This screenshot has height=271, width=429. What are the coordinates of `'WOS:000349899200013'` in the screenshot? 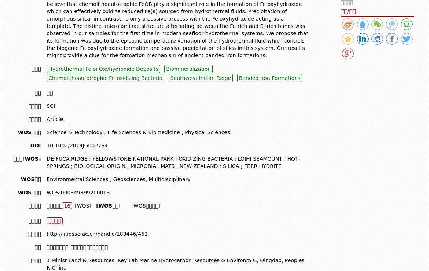 It's located at (46, 192).